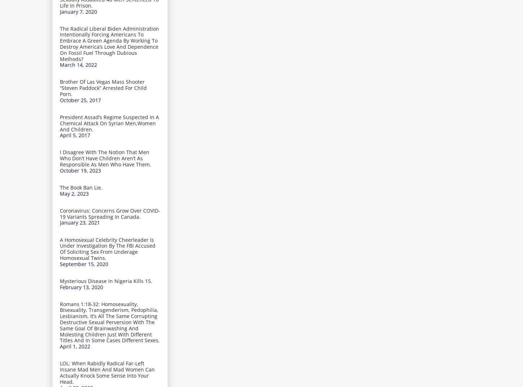 Image resolution: width=523 pixels, height=387 pixels. Describe the element at coordinates (60, 123) in the screenshot. I see `'President Assad’s Regime Suspected In A Chemical Attack On Syrian Men,Women And Children.'` at that location.